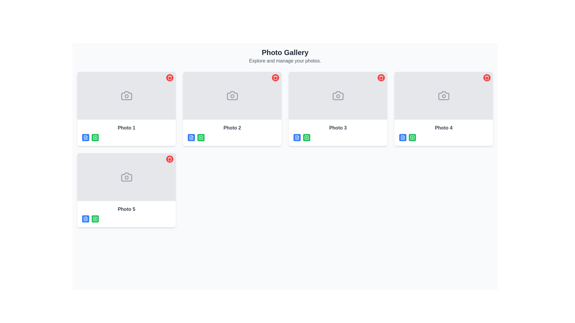 The image size is (575, 323). What do you see at coordinates (126, 214) in the screenshot?
I see `the green icon located on the fifth card in the photo gallery` at bounding box center [126, 214].